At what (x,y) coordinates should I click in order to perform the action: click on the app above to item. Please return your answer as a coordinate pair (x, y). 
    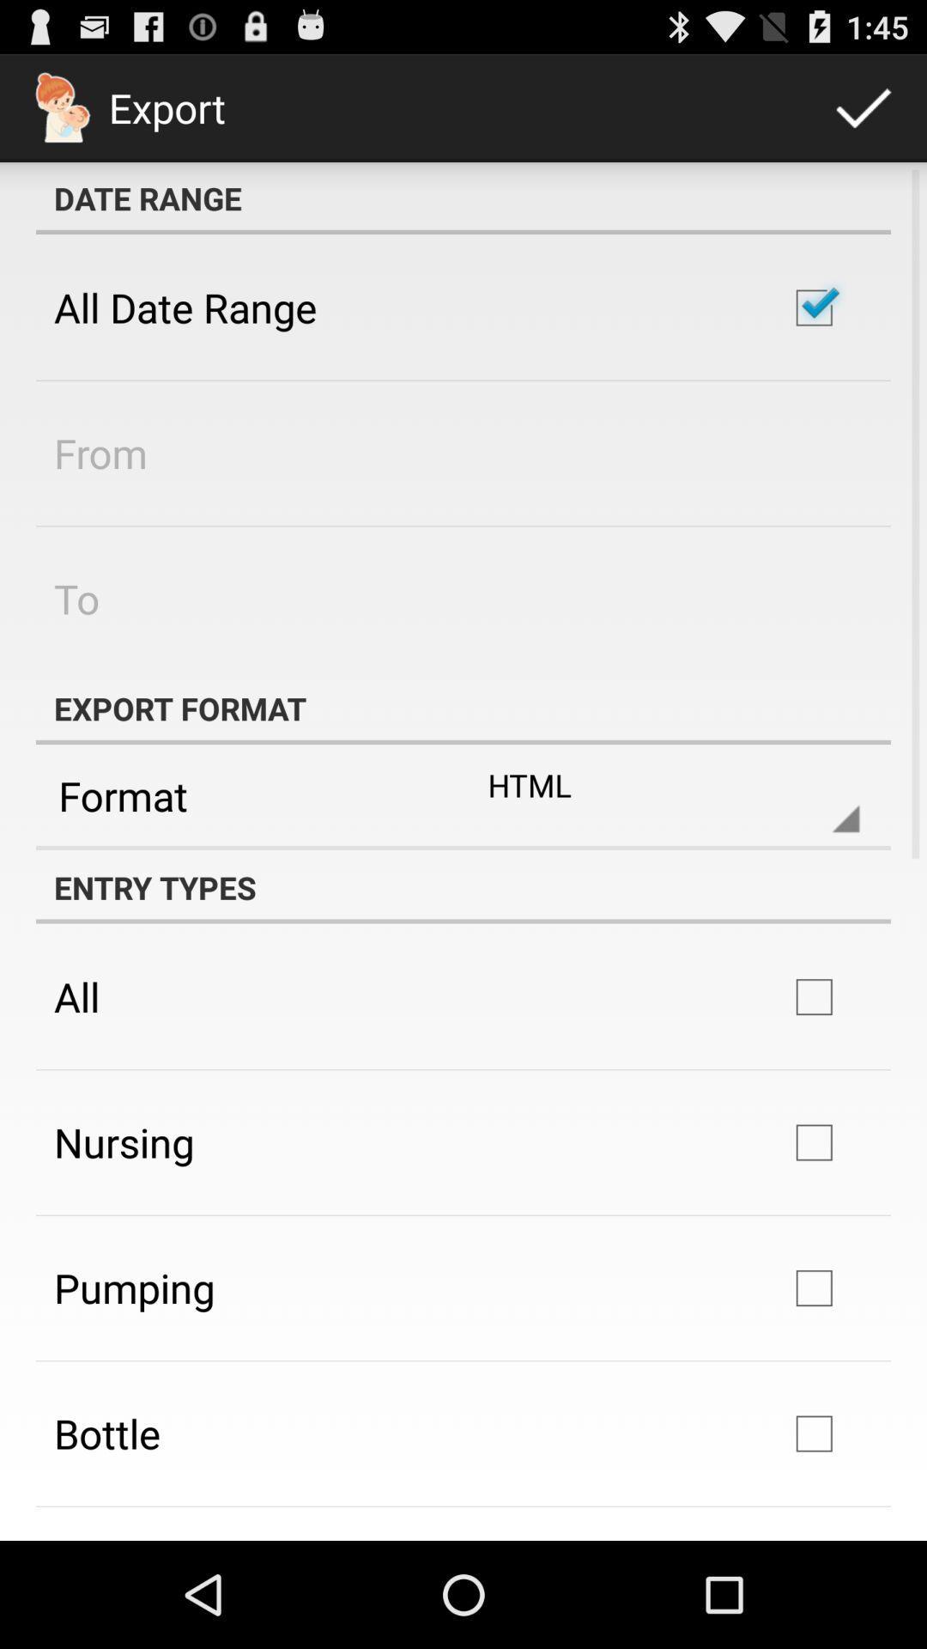
    Looking at the image, I should click on (100, 453).